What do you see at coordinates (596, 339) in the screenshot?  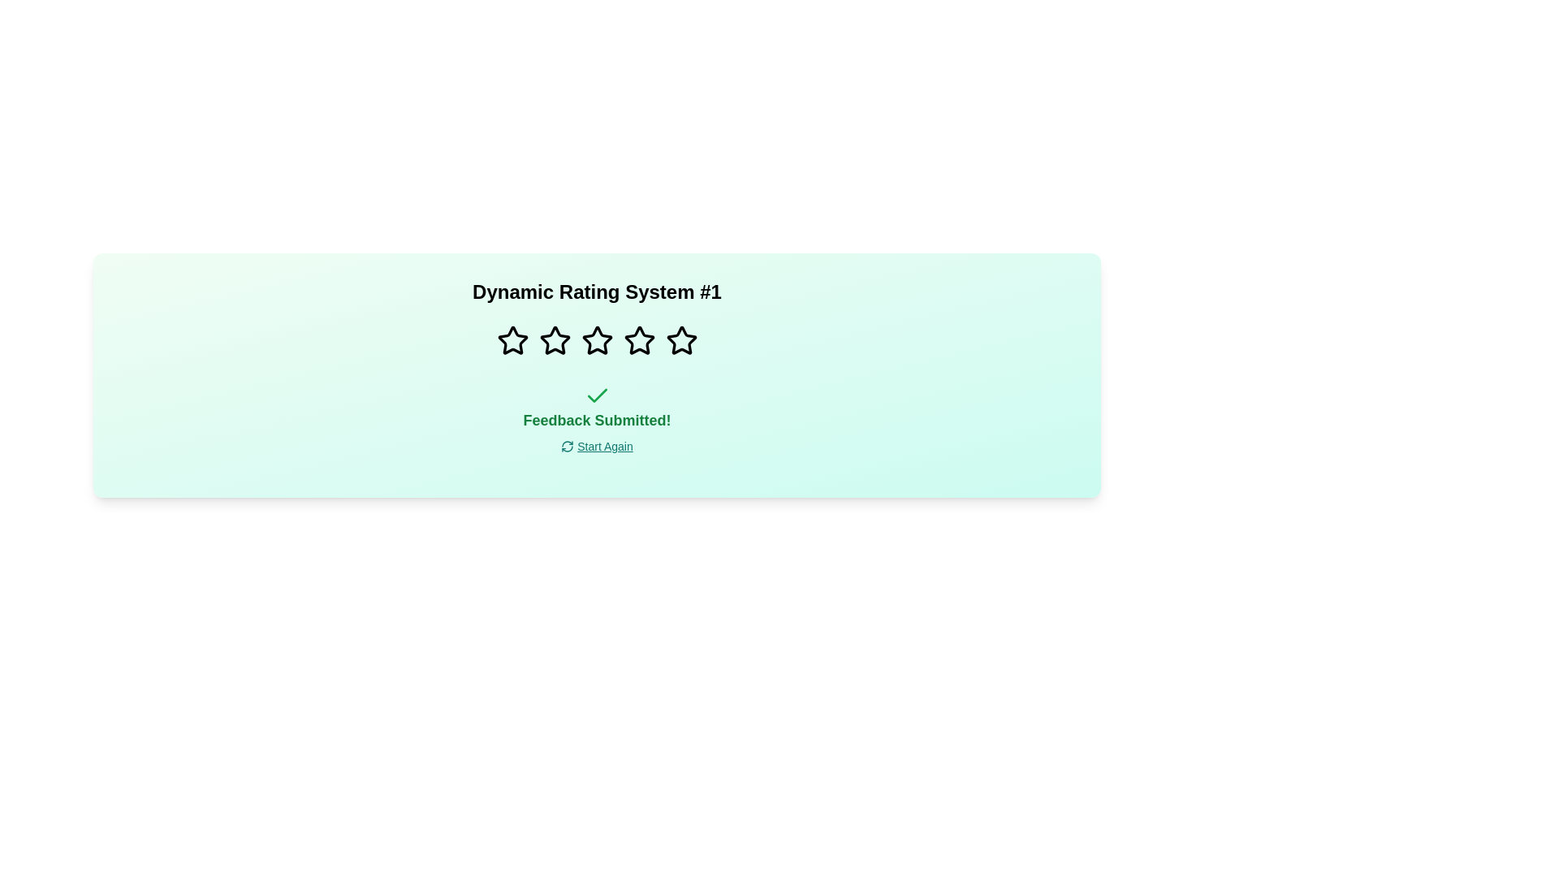 I see `the third star icon in the rating system to trigger the highlight effect` at bounding box center [596, 339].